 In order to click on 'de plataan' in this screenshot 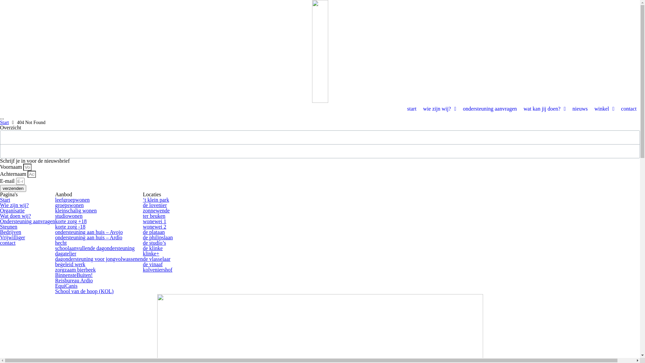, I will do `click(153, 232)`.